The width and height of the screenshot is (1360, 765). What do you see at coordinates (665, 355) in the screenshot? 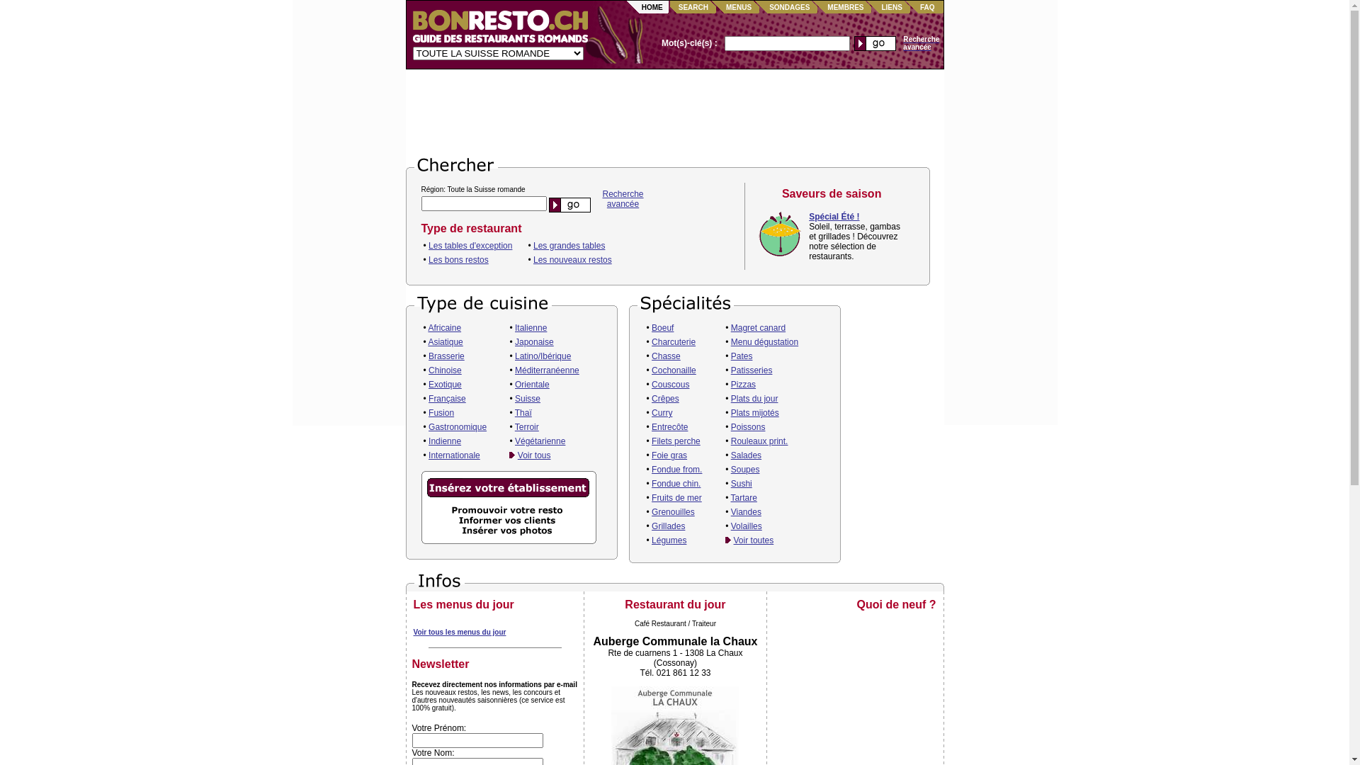
I see `'Chasse'` at bounding box center [665, 355].